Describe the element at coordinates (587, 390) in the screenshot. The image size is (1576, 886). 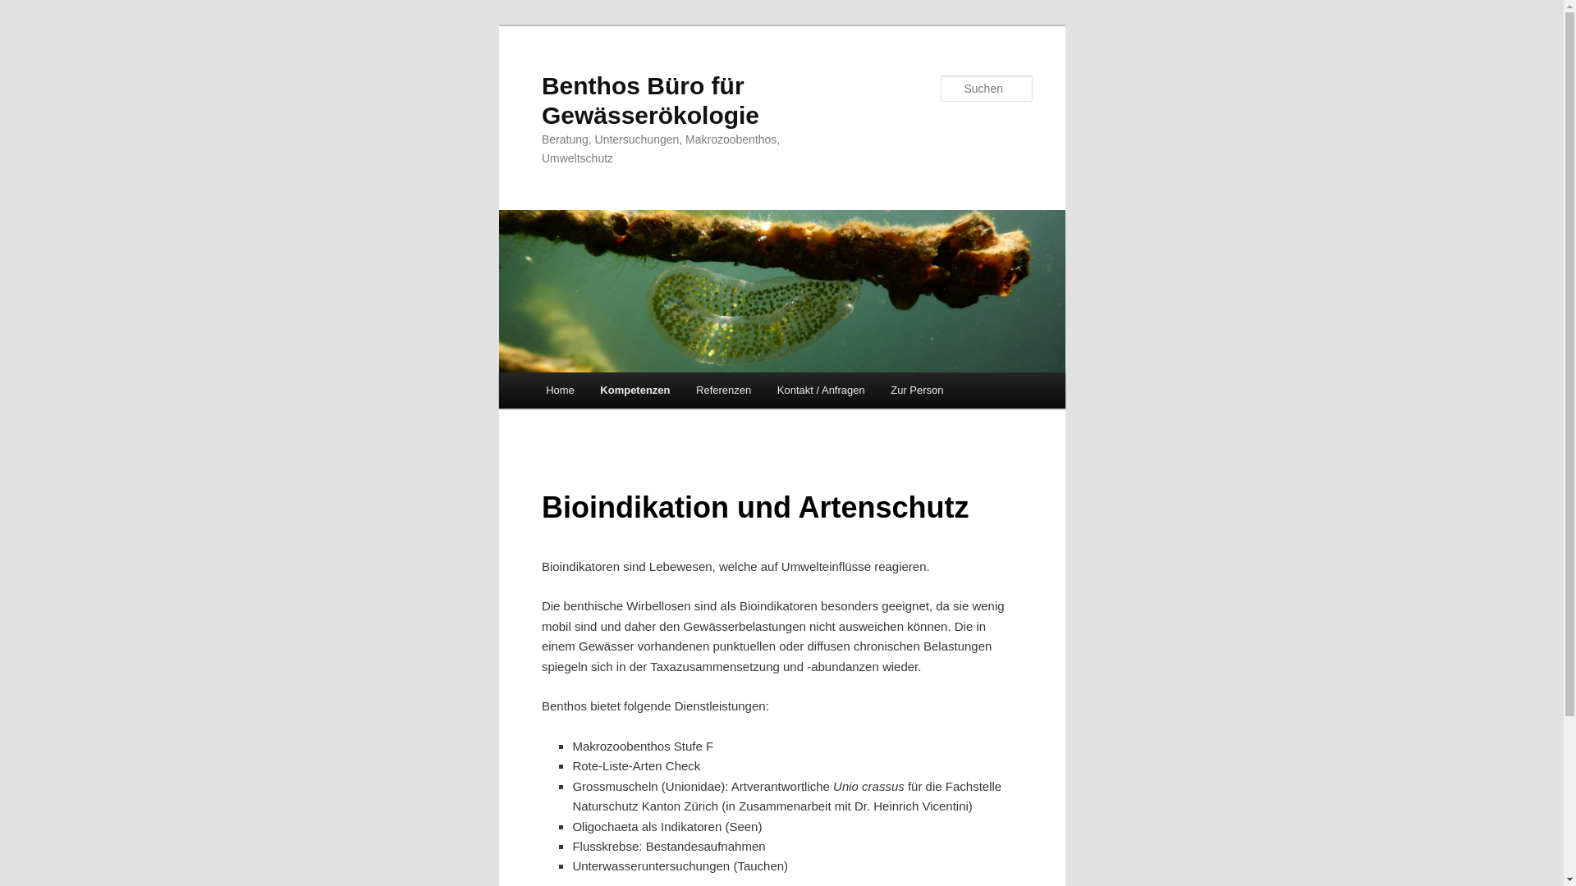
I see `'Kompetenzen'` at that location.